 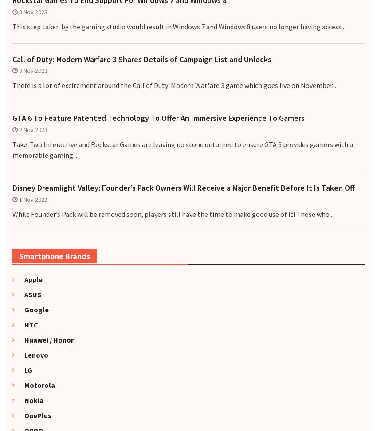 What do you see at coordinates (45, 339) in the screenshot?
I see `'Huawei / Honor'` at bounding box center [45, 339].